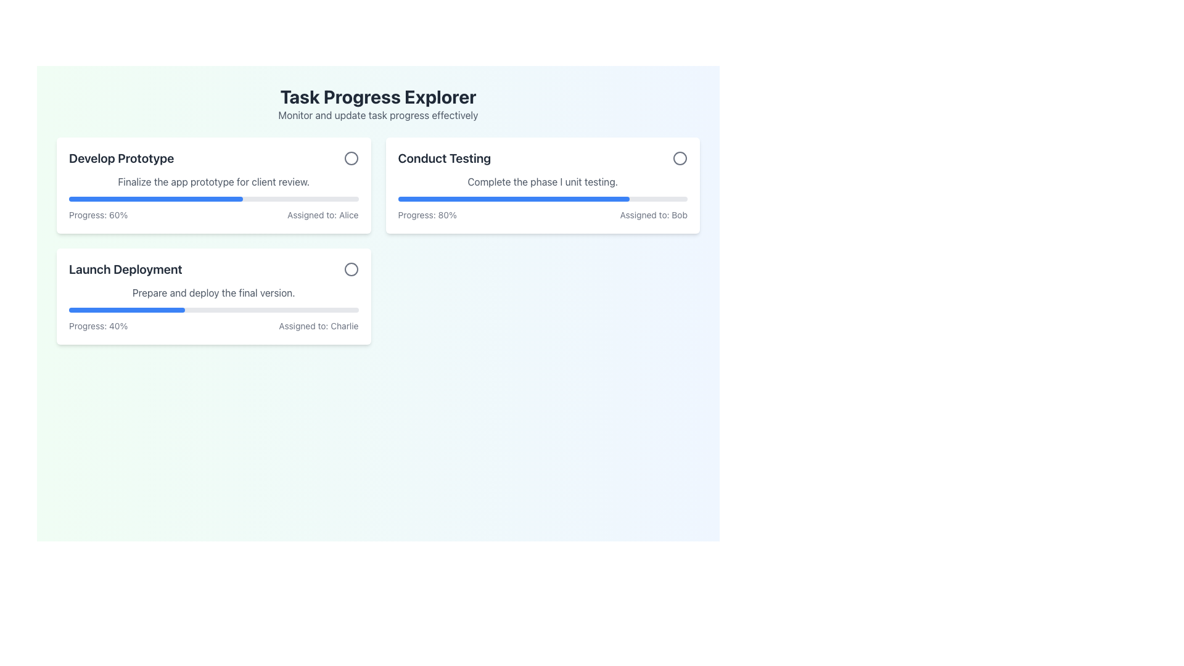  I want to click on the blue progress bar segment which occupies 60% of the width inside the gray progress bar in the 'Develop Prototype' task card, so click(155, 199).